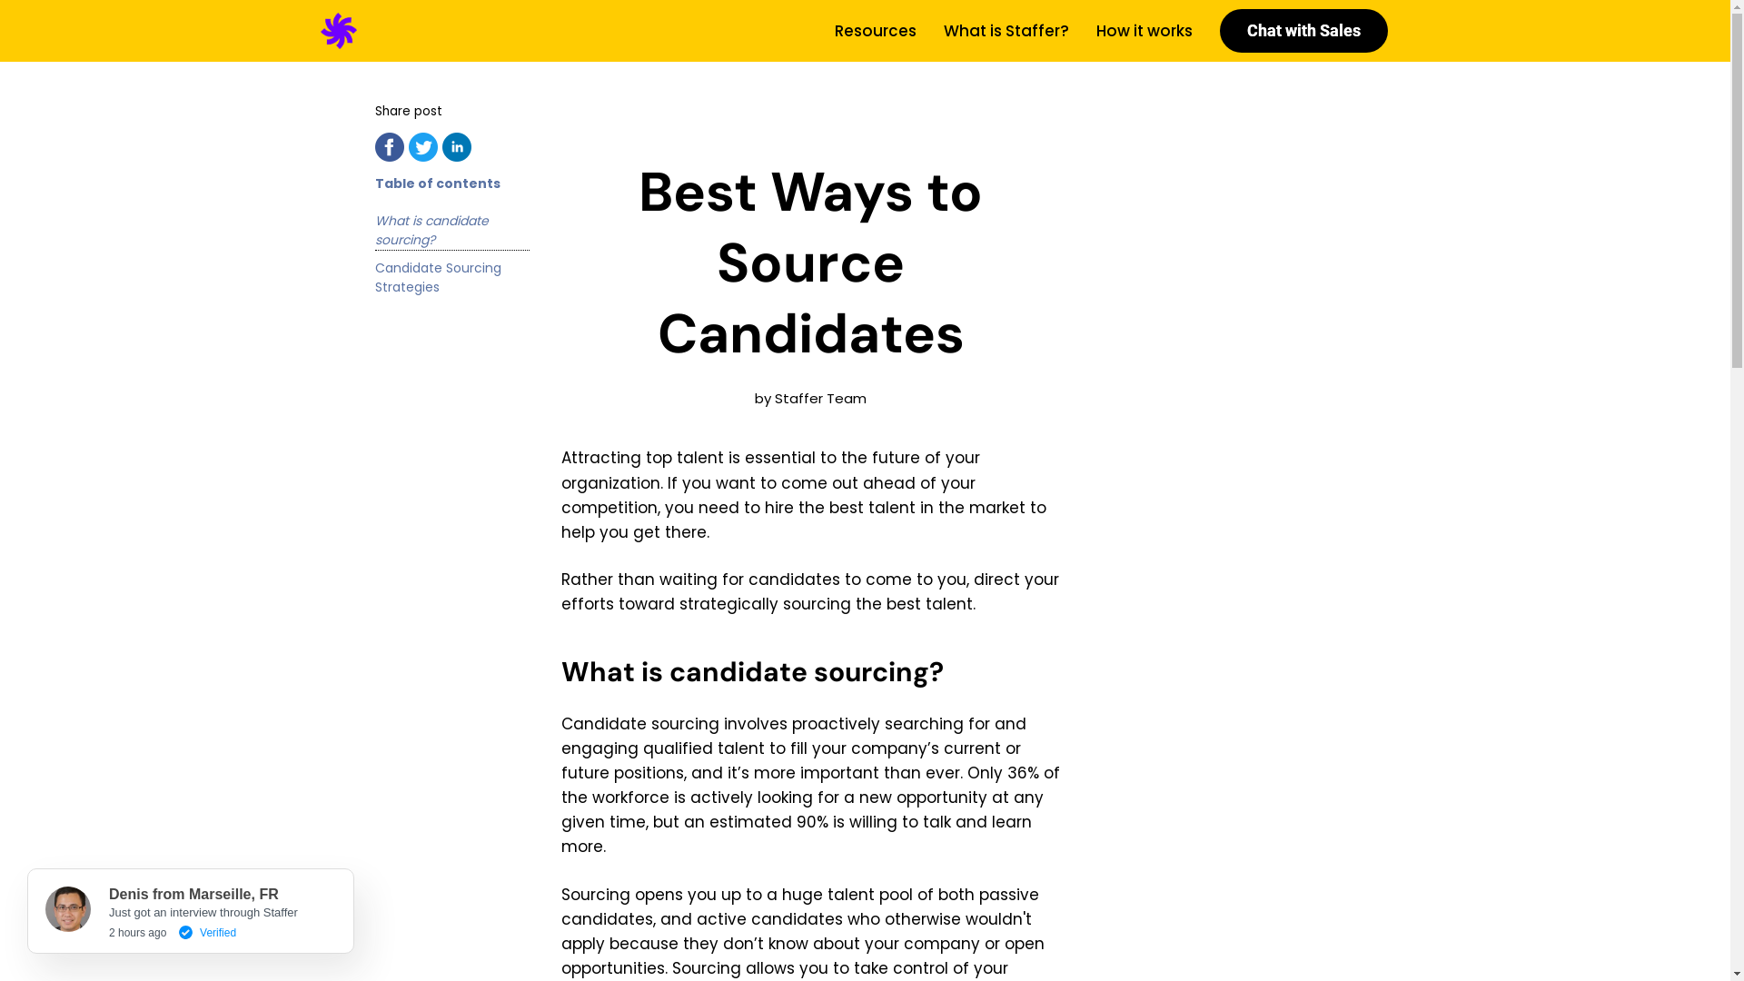 This screenshot has height=981, width=1744. Describe the element at coordinates (451, 230) in the screenshot. I see `'What is candidate sourcing?'` at that location.